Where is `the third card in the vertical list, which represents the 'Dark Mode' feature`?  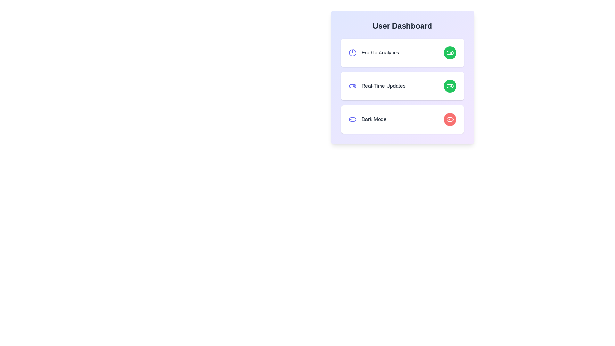
the third card in the vertical list, which represents the 'Dark Mode' feature is located at coordinates (402, 119).